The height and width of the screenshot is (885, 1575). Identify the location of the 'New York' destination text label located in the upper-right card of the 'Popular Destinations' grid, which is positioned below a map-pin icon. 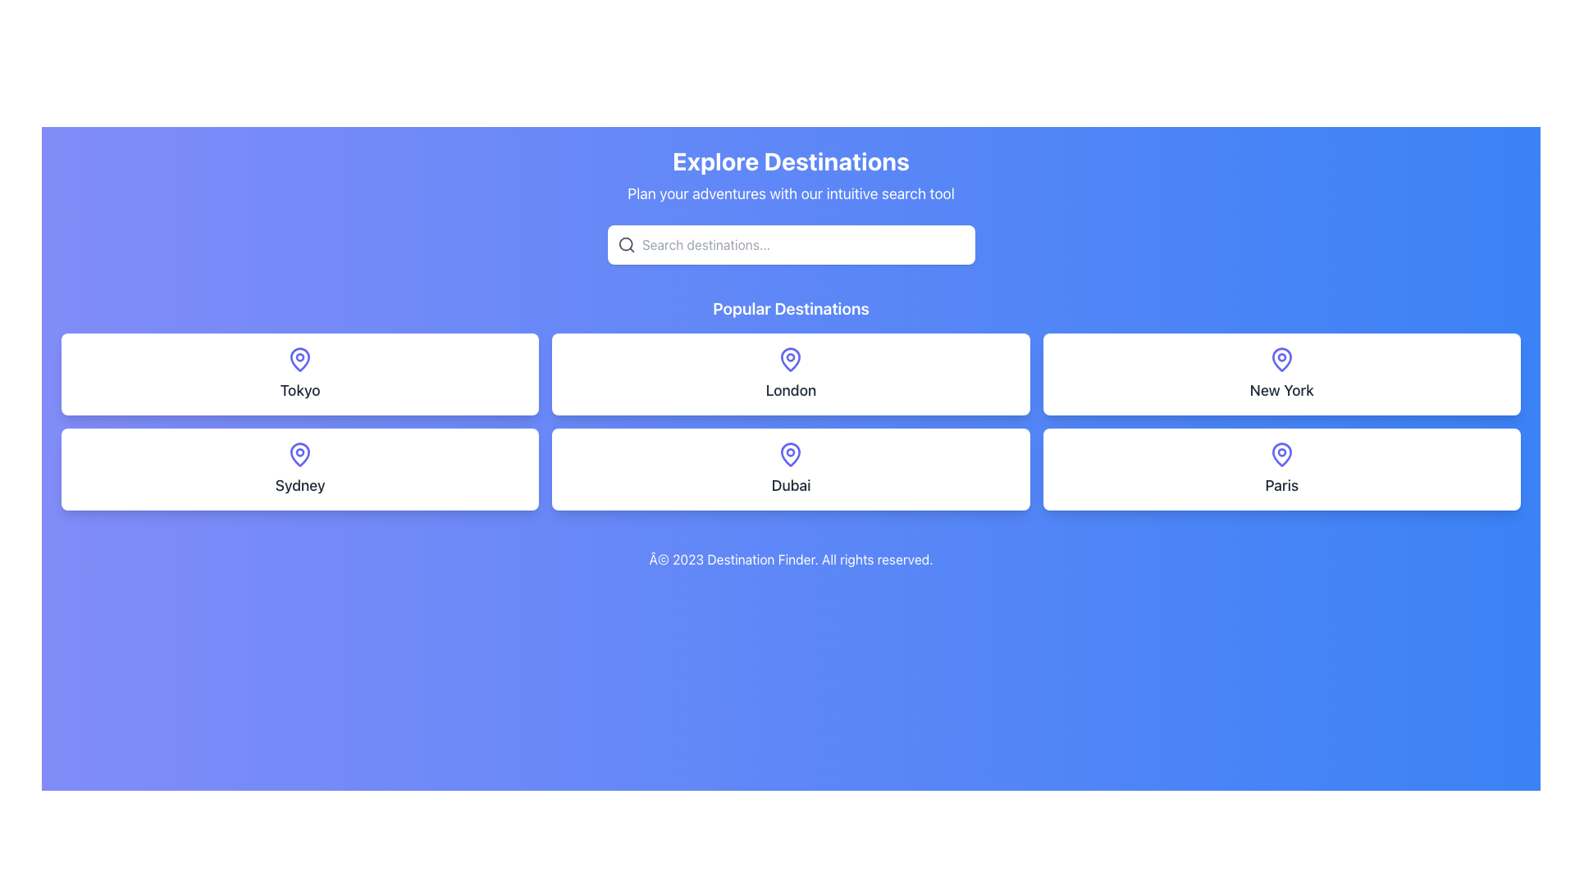
(1281, 391).